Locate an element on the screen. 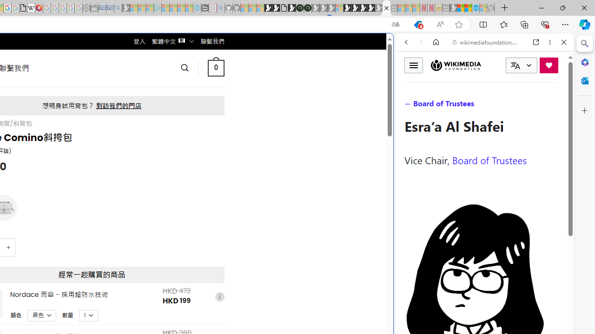 The image size is (595, 334). 'Favorites - Sleeping' is located at coordinates (490, 8).